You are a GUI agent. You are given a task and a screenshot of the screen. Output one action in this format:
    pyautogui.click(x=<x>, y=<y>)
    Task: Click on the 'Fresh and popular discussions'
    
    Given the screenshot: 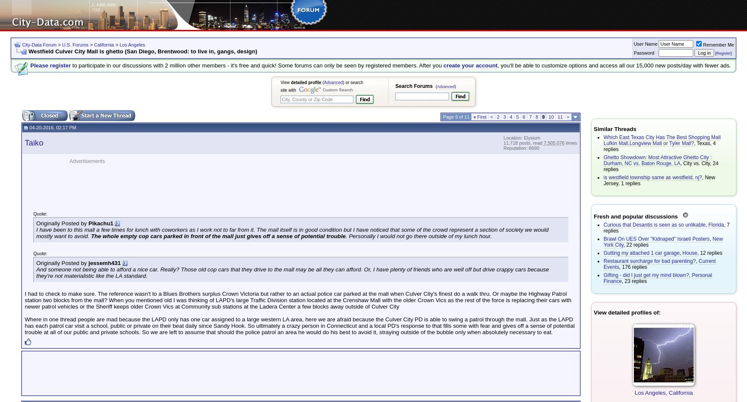 What is the action you would take?
    pyautogui.click(x=636, y=216)
    